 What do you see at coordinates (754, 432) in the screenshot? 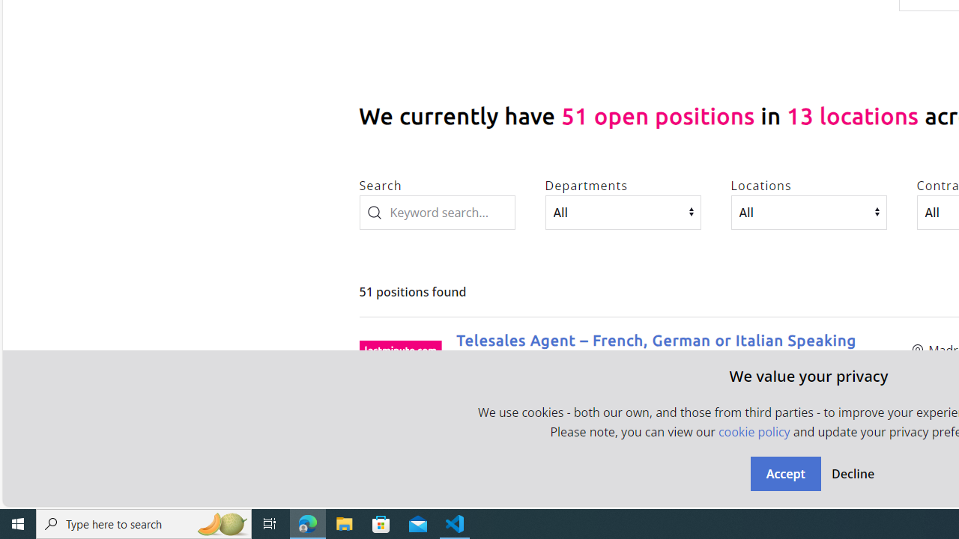
I see `'cookie policy'` at bounding box center [754, 432].